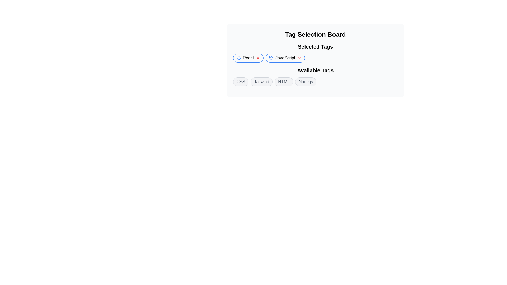 The image size is (507, 285). I want to click on the 'HTML' button in the 'Available Tags' section, so click(284, 82).